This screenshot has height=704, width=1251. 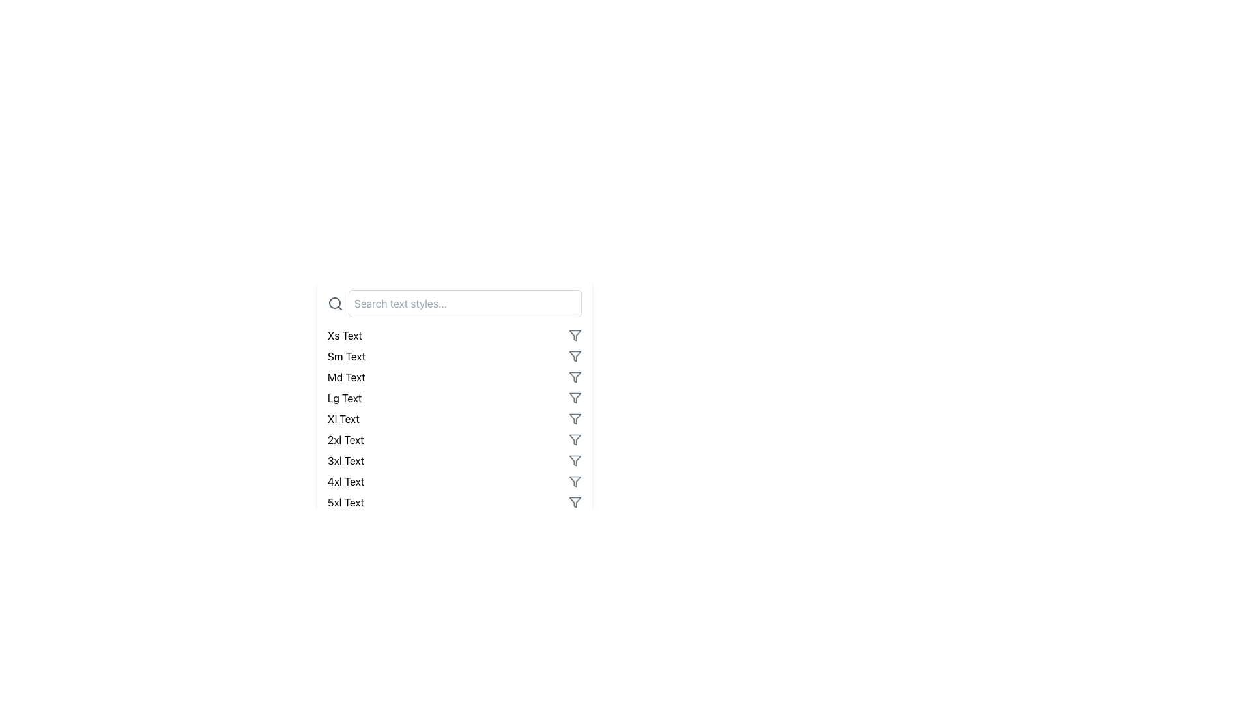 What do you see at coordinates (575, 335) in the screenshot?
I see `the filter icon located on the right side of the 'Xs Text' row` at bounding box center [575, 335].